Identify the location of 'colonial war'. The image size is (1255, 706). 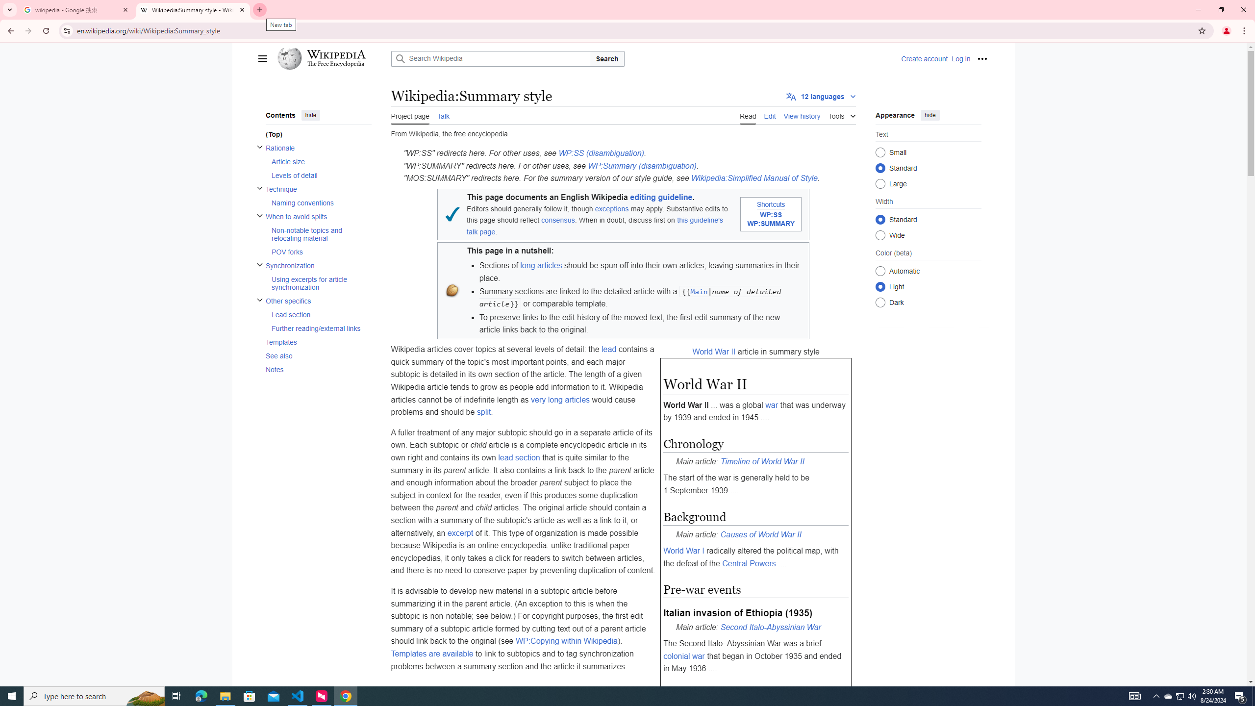
(684, 655).